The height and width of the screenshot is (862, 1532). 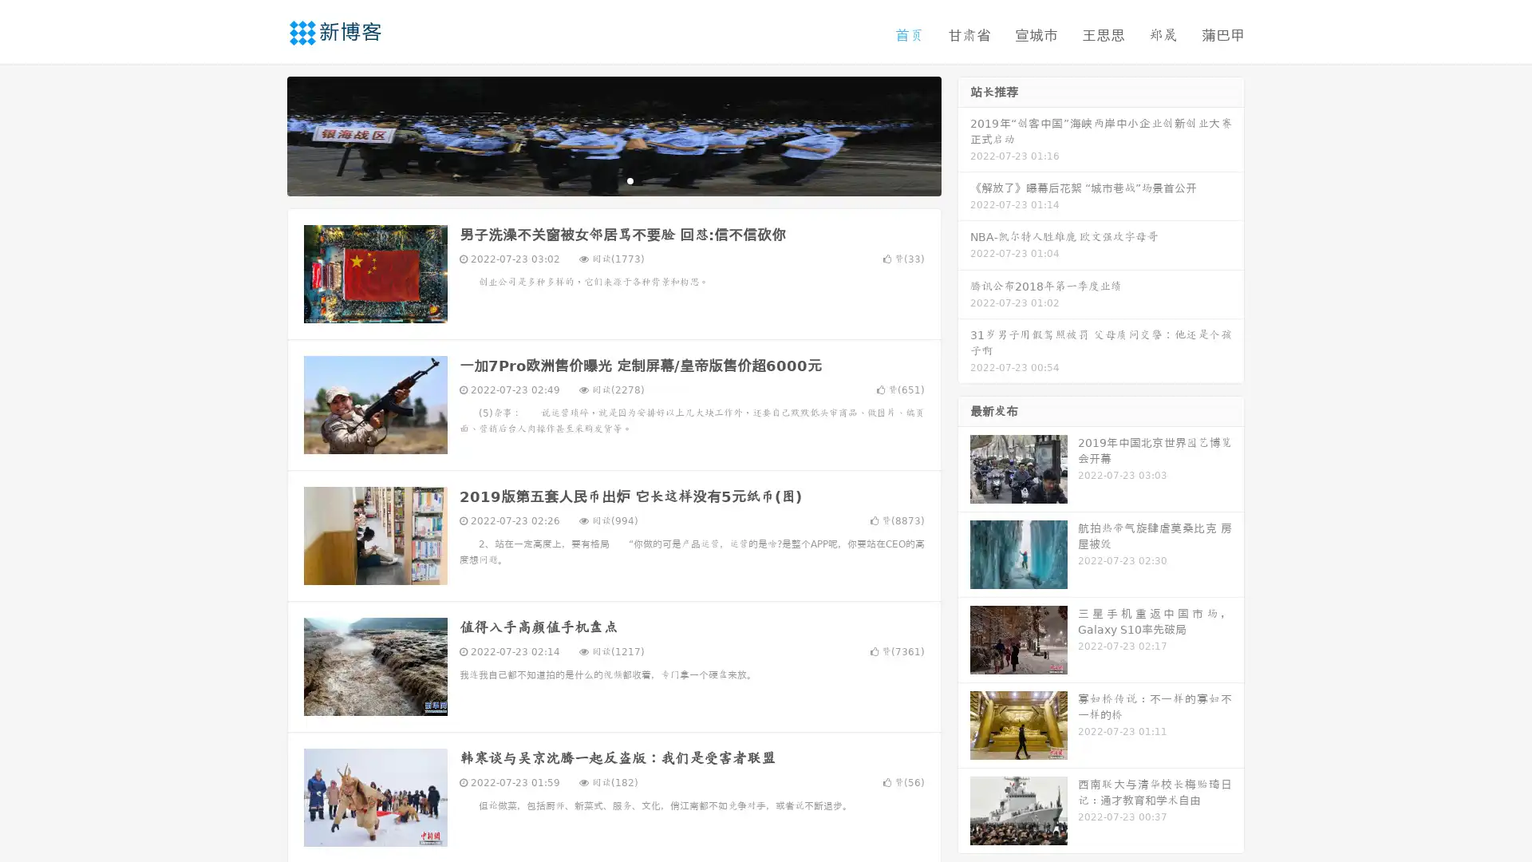 What do you see at coordinates (613, 180) in the screenshot?
I see `Go to slide 2` at bounding box center [613, 180].